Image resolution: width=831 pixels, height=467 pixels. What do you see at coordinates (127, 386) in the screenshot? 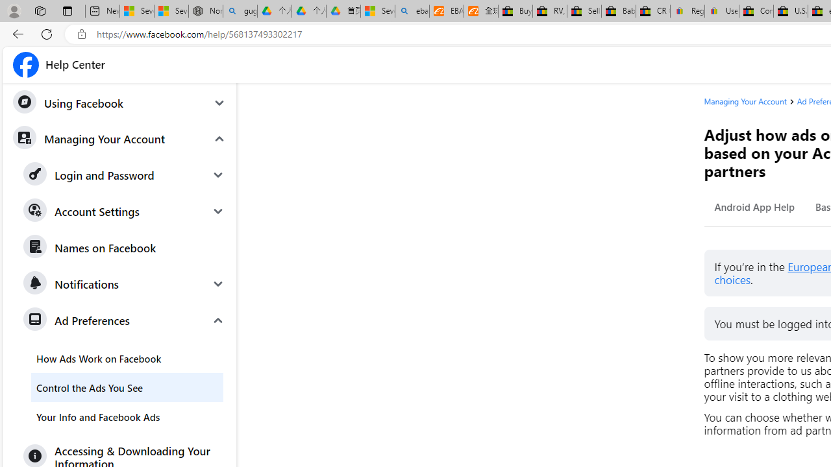
I see `'Control the Ads You See'` at bounding box center [127, 386].